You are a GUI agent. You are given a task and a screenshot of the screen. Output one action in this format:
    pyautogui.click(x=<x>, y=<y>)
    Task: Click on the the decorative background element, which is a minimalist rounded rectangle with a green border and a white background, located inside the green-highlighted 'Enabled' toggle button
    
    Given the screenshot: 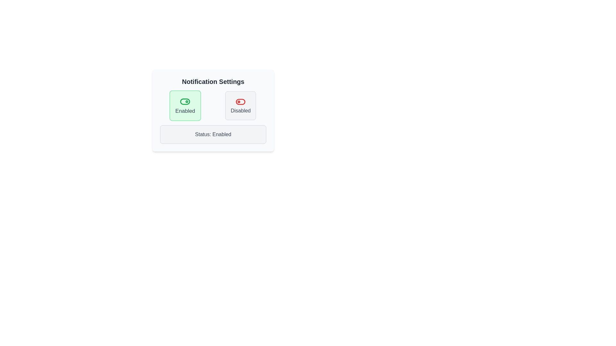 What is the action you would take?
    pyautogui.click(x=184, y=101)
    